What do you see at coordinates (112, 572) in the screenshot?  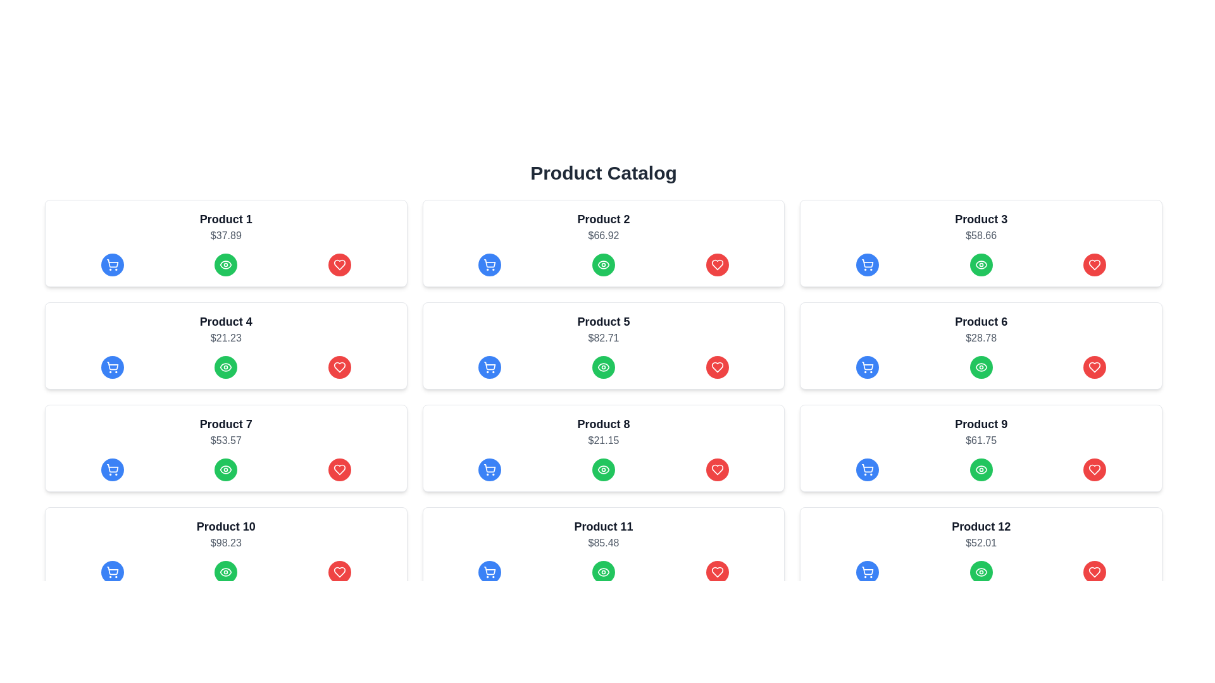 I see `the circular blue button with a shopping cart icon located at the bottom-left corner of the 'Product 10' card` at bounding box center [112, 572].